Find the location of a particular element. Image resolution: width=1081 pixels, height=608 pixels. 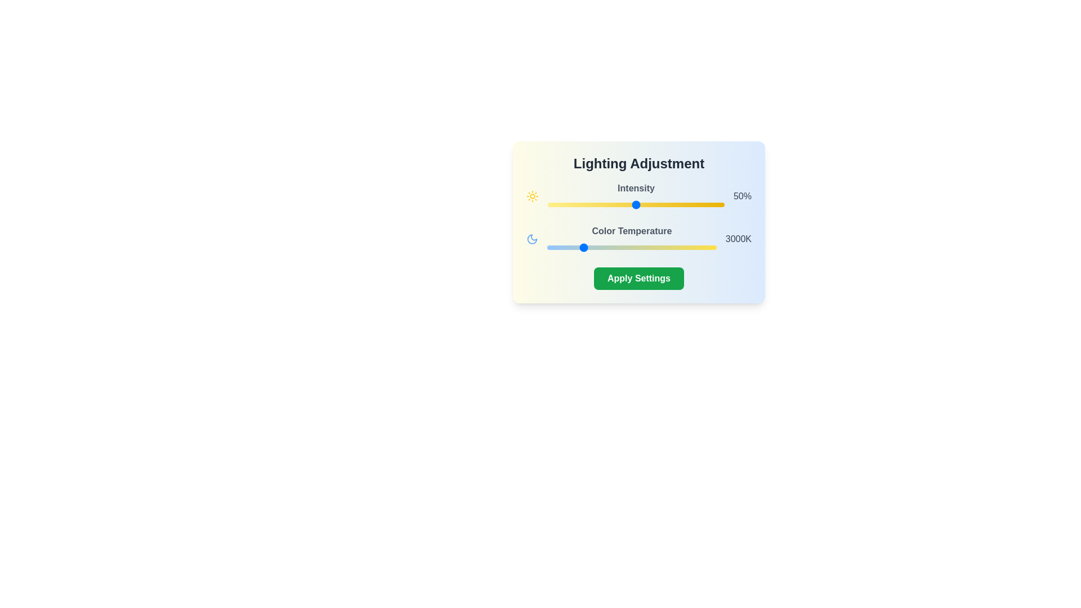

the text 'Lighting Adjustment' from the component is located at coordinates (638, 163).